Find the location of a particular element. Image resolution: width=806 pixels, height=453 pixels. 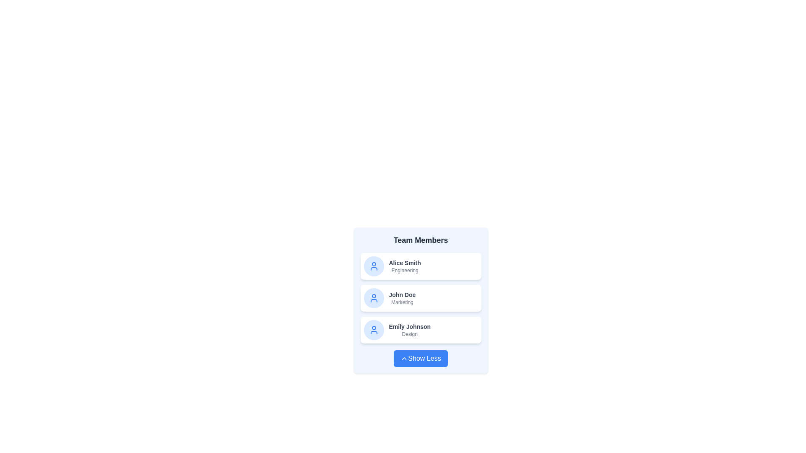

the text label displaying 'Design', which is located under 'Emily Johnson' within the third box of team members is located at coordinates (410, 334).